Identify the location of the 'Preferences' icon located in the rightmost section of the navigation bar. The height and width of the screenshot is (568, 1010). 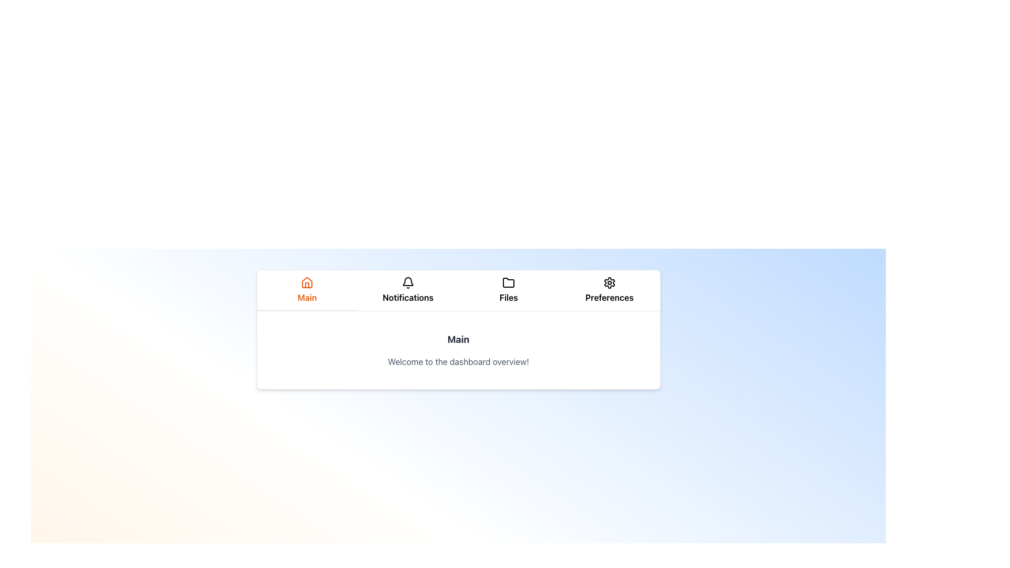
(609, 282).